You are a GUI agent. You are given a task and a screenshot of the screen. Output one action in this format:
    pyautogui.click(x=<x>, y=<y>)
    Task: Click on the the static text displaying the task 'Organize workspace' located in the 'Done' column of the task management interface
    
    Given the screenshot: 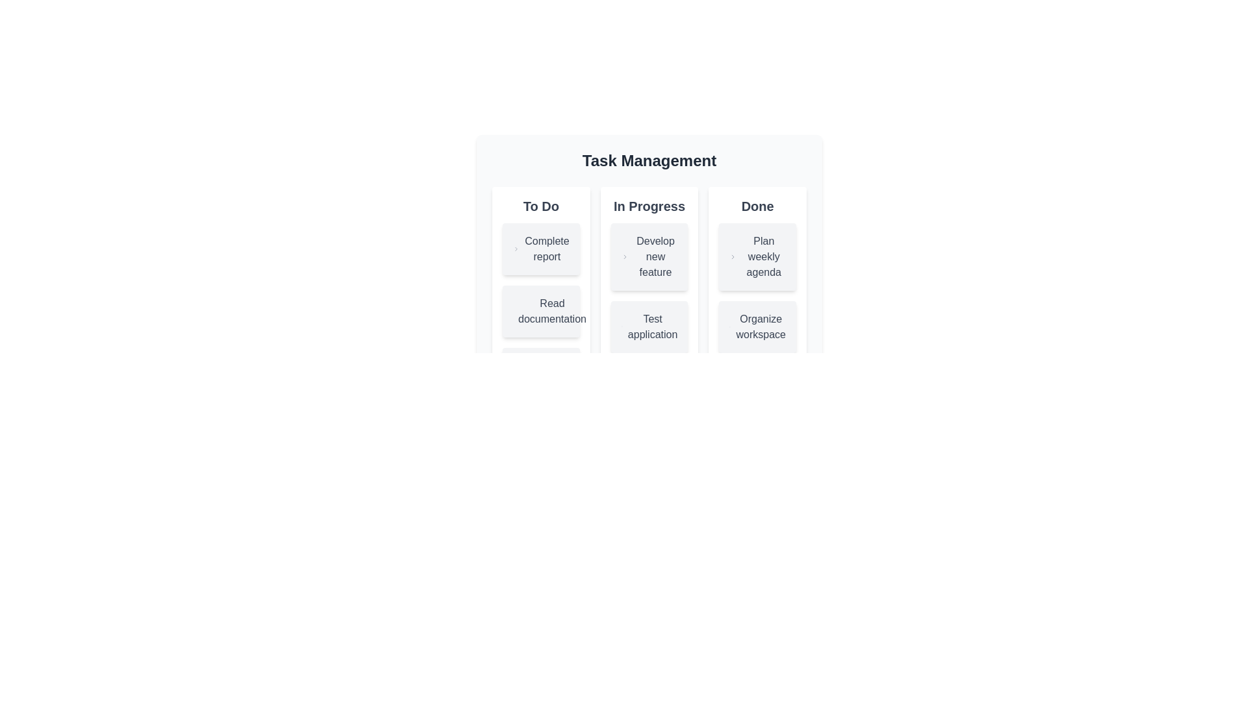 What is the action you would take?
    pyautogui.click(x=757, y=326)
    